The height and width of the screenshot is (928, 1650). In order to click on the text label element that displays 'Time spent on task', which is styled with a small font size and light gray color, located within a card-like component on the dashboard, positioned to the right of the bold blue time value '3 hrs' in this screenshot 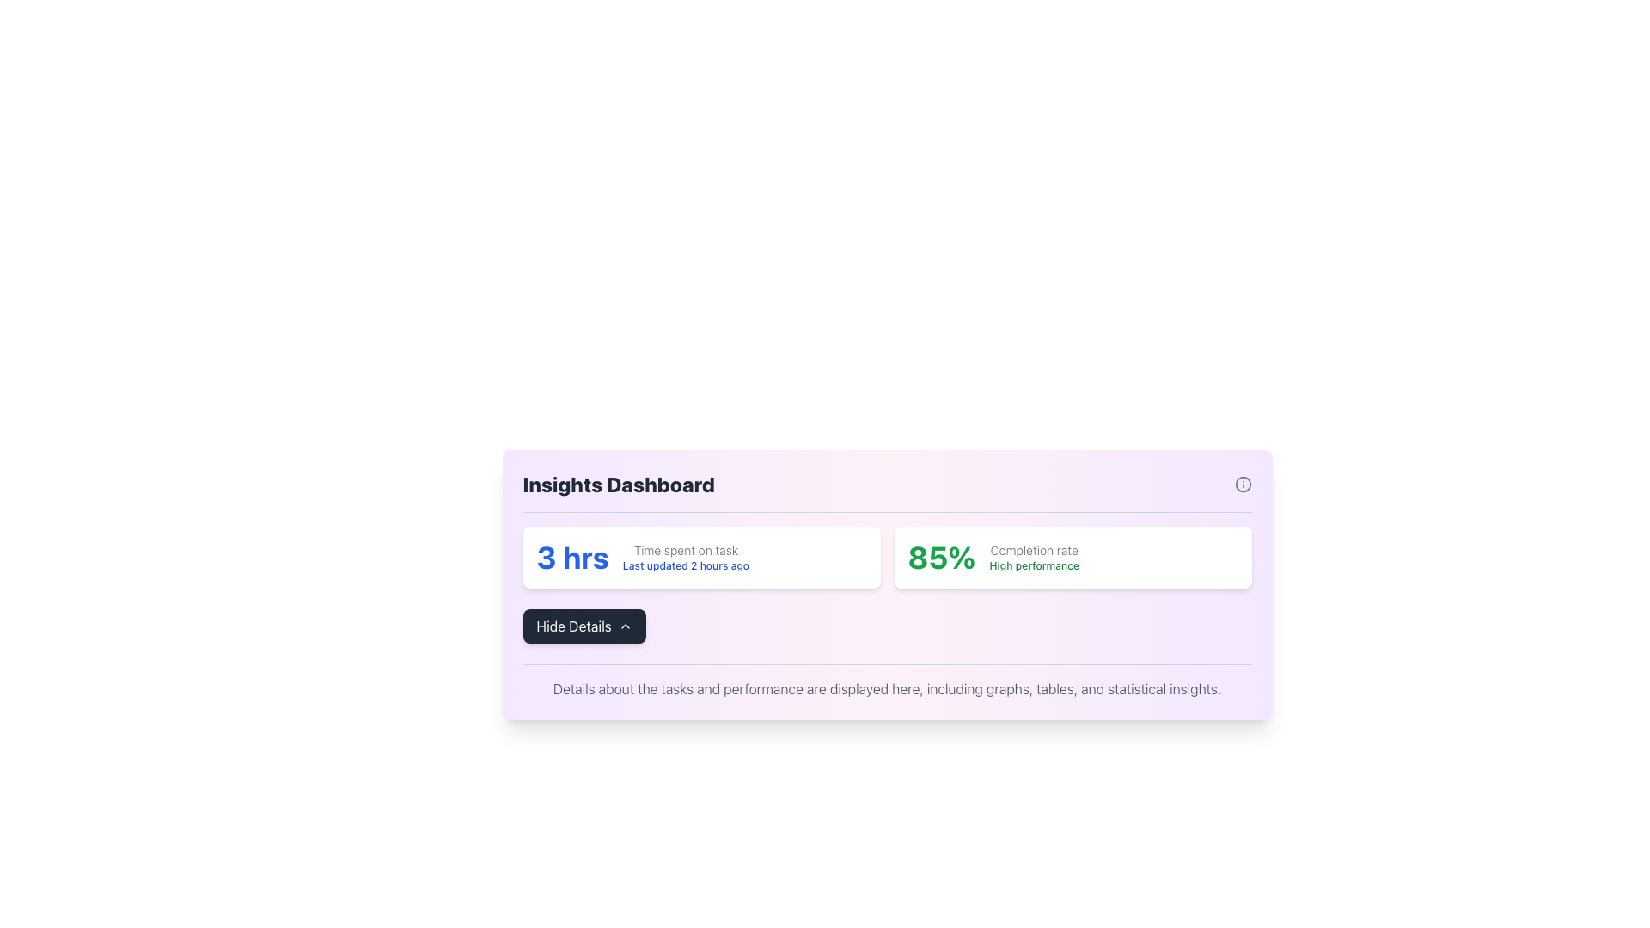, I will do `click(685, 550)`.